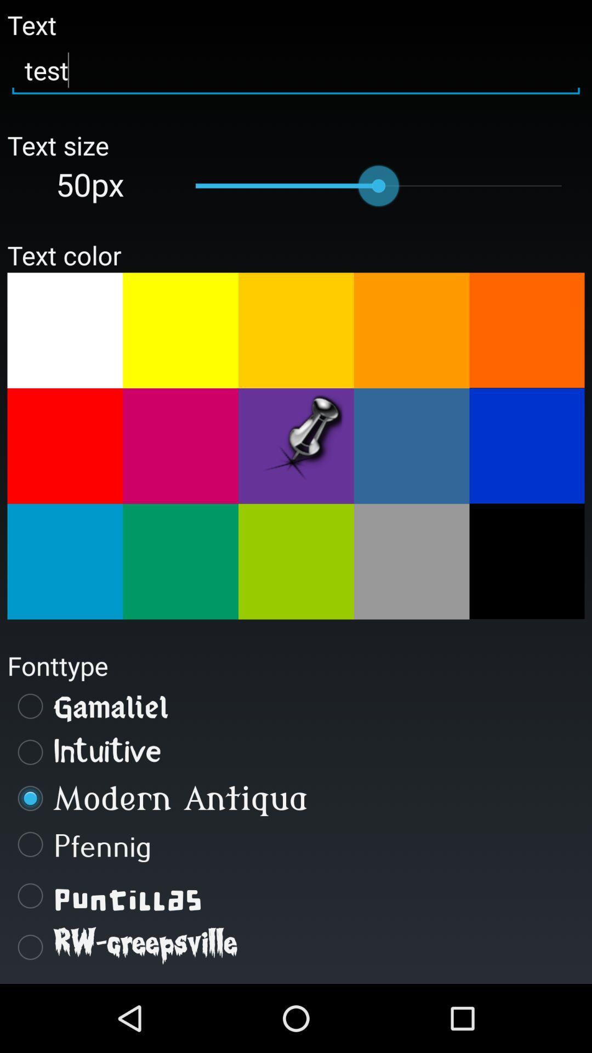 Image resolution: width=592 pixels, height=1053 pixels. What do you see at coordinates (526, 445) in the screenshot?
I see `a color` at bounding box center [526, 445].